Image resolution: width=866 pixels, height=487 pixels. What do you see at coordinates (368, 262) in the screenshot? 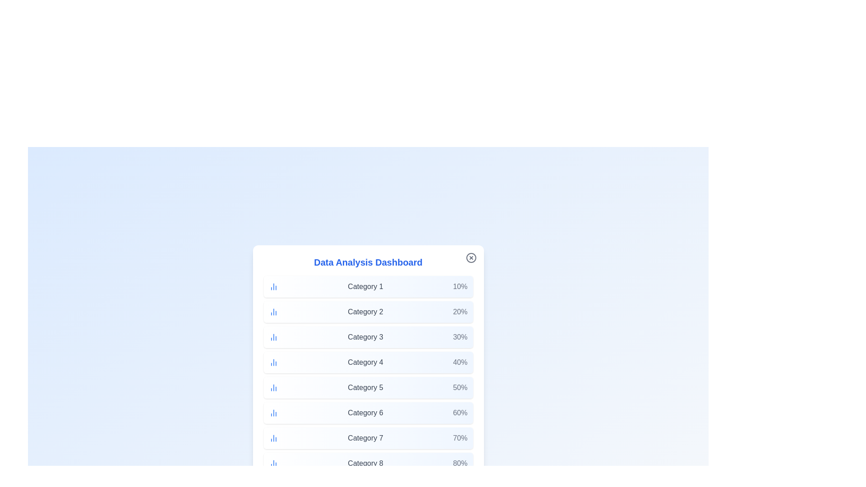
I see `the title of the dialog to simulate an interaction` at bounding box center [368, 262].